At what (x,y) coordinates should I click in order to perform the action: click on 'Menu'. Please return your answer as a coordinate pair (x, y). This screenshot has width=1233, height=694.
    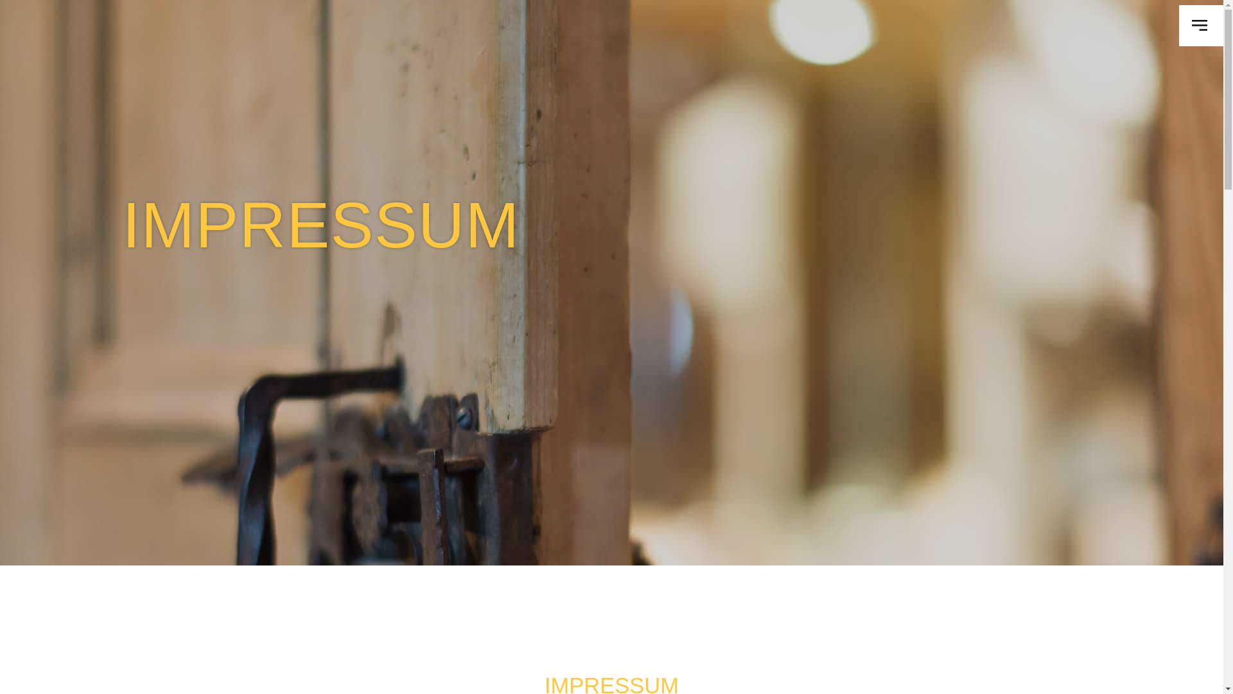
    Looking at the image, I should click on (1200, 25).